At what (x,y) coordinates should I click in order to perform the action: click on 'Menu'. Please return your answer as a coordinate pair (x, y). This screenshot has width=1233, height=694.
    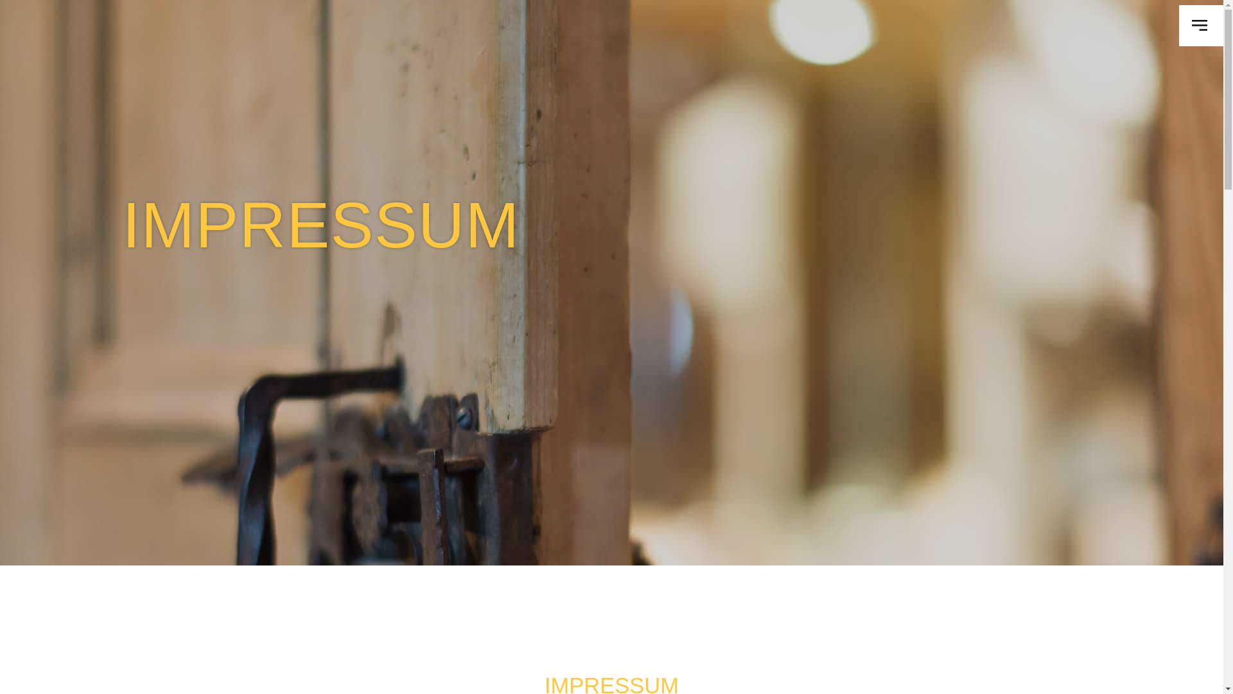
    Looking at the image, I should click on (1200, 25).